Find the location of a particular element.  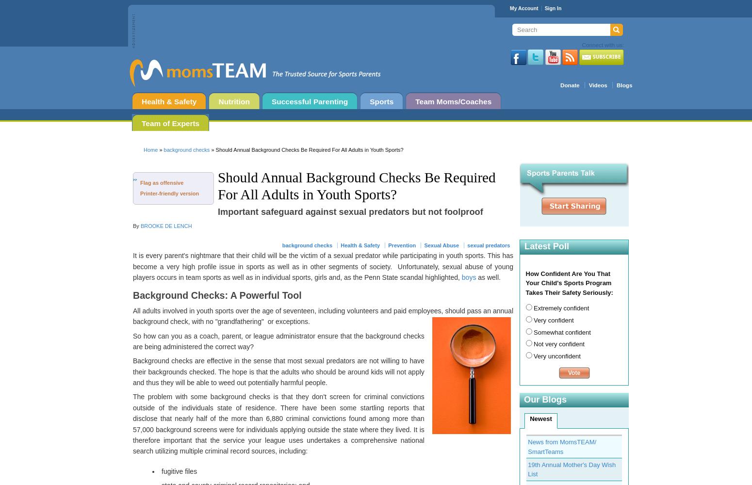

'Sports' is located at coordinates (381, 101).